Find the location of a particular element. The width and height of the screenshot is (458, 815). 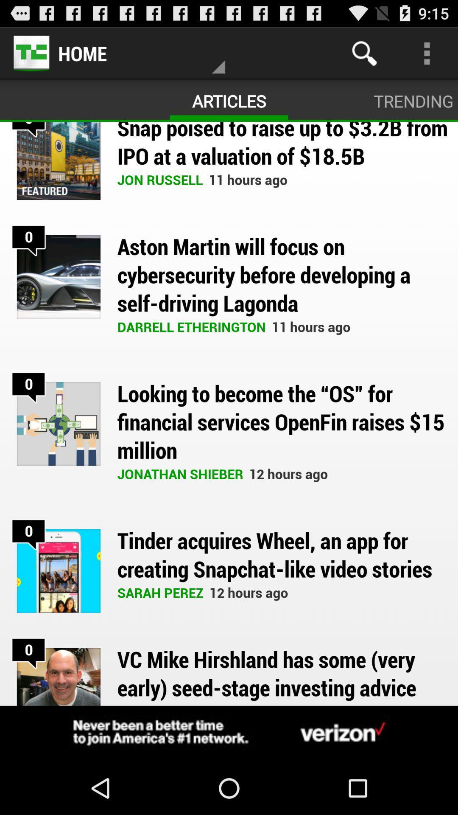

the last image in the page is located at coordinates (58, 676).